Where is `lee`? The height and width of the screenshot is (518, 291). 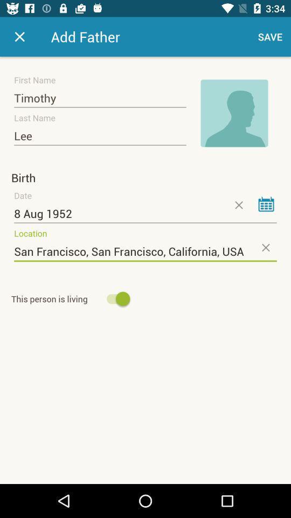
lee is located at coordinates (100, 135).